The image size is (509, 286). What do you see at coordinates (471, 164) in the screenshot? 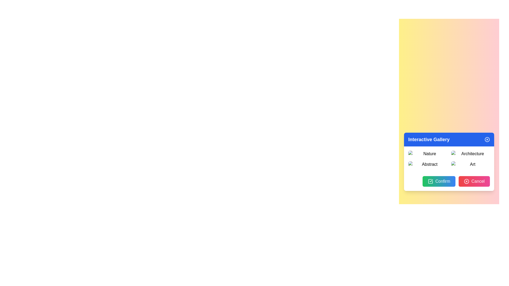
I see `text content of the 'Art' label located in the fourth position of the labeled icons in the 'Interactive Gallery' dialog box` at bounding box center [471, 164].